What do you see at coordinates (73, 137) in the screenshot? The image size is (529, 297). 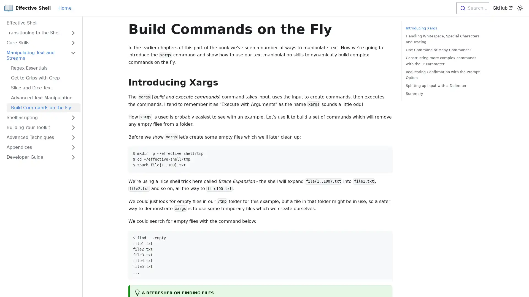 I see `Toggle the collapsible sidebar category 'Advanced Techniques'` at bounding box center [73, 137].